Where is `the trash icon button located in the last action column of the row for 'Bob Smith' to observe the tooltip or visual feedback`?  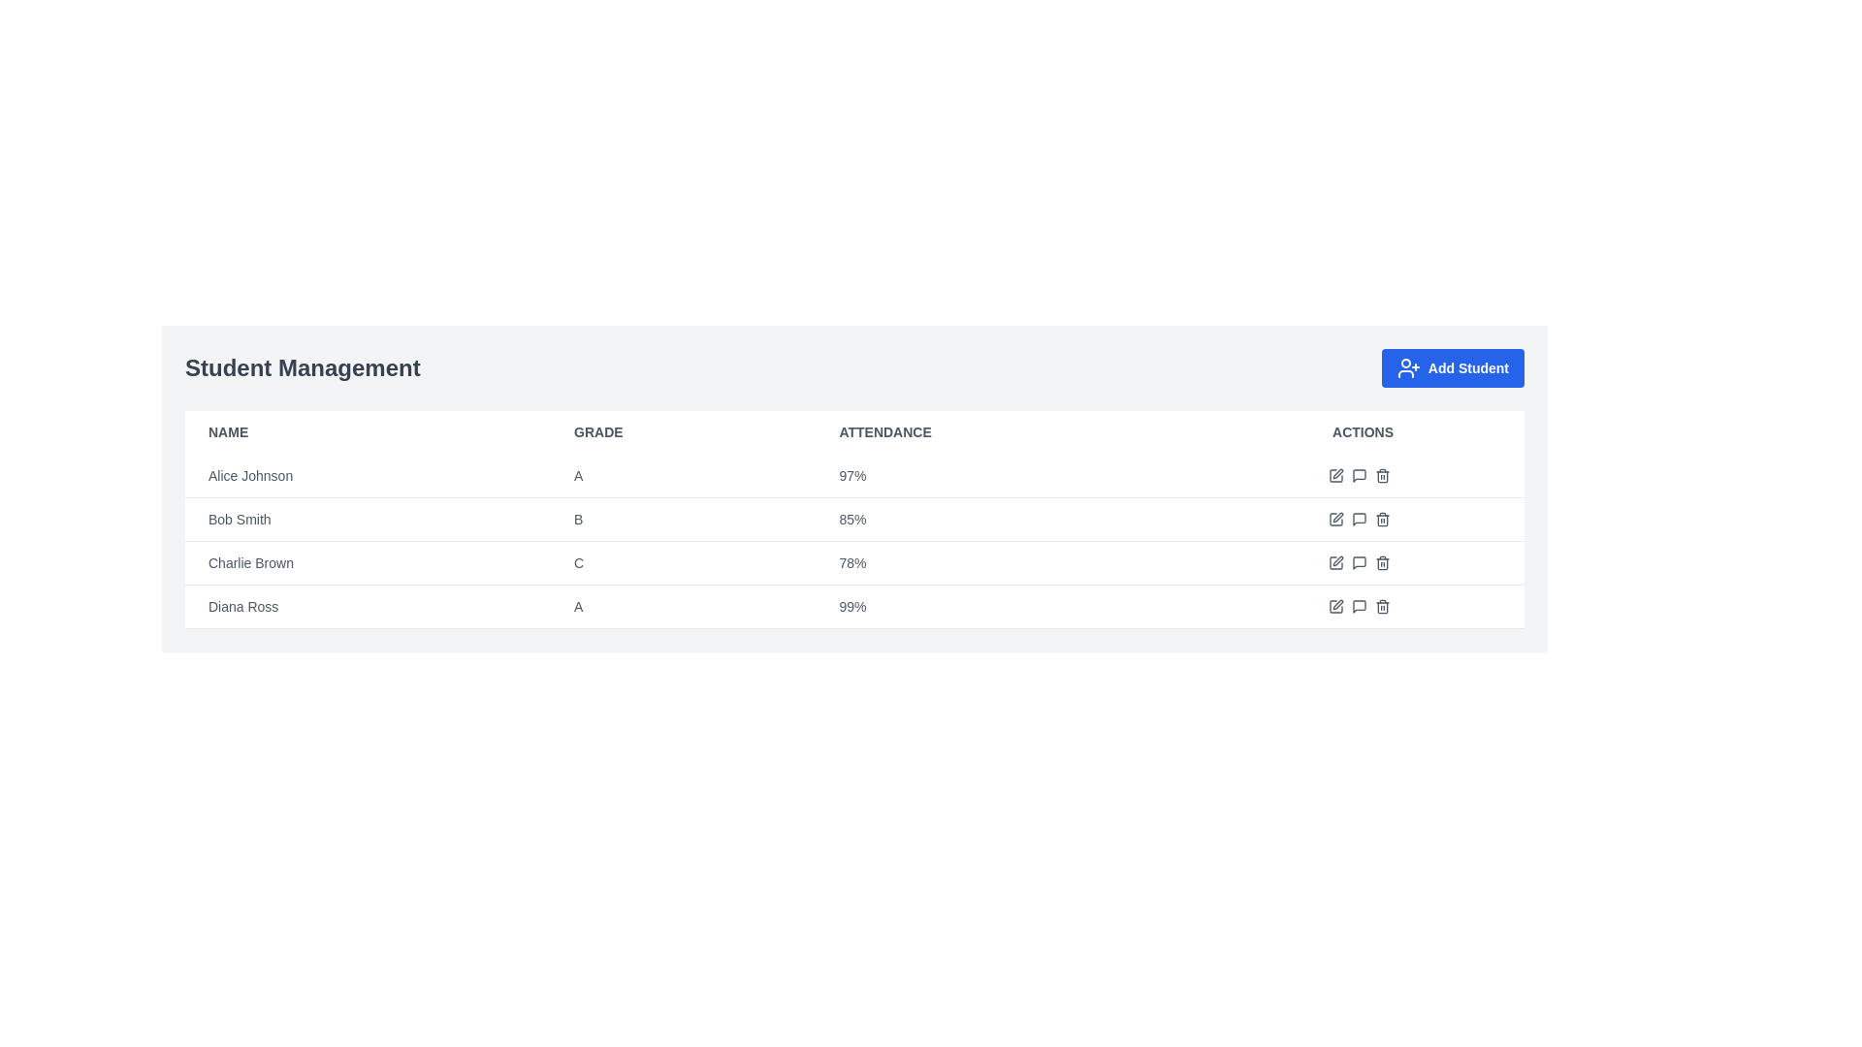
the trash icon button located in the last action column of the row for 'Bob Smith' to observe the tooltip or visual feedback is located at coordinates (1381, 519).